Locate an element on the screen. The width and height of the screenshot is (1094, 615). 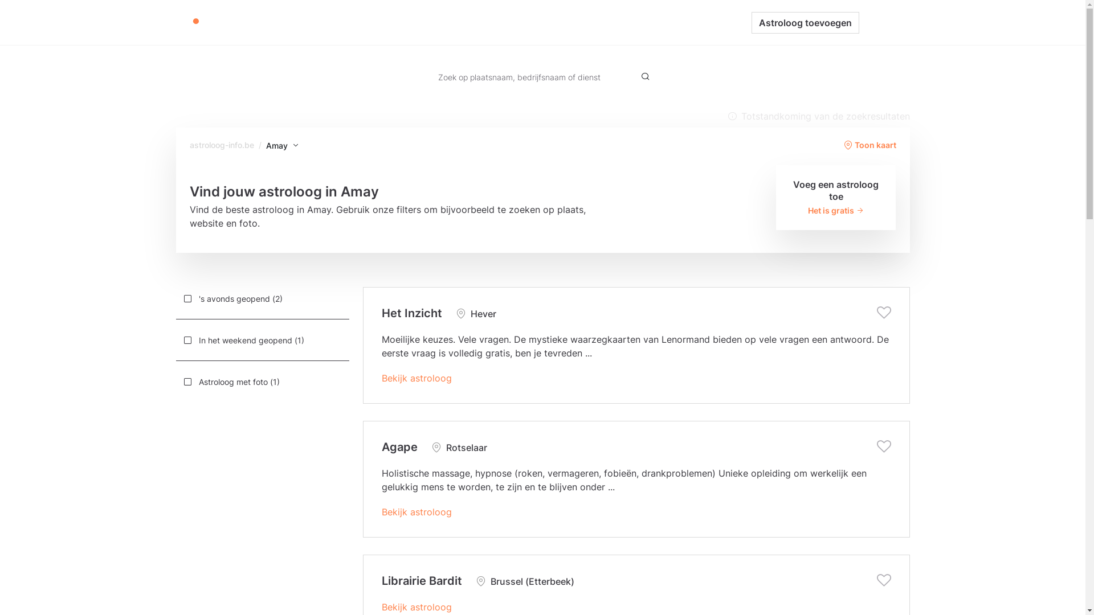
'Astroloog toevoegen' is located at coordinates (804, 22).